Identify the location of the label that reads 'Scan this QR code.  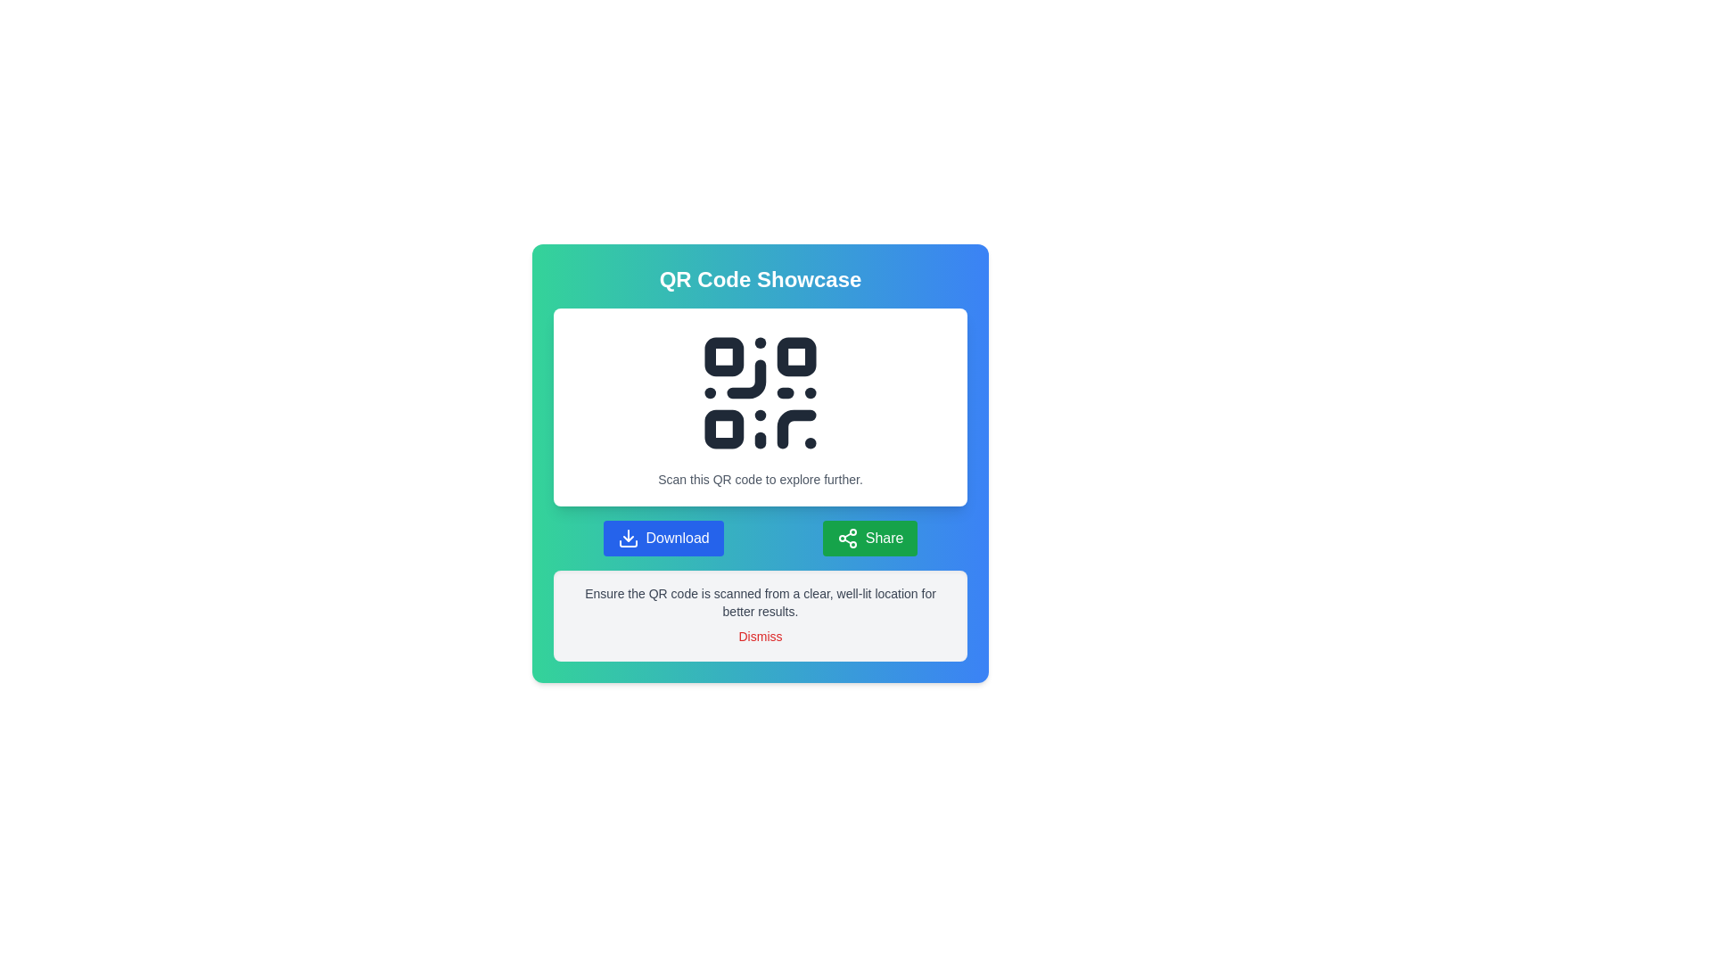
(761, 478).